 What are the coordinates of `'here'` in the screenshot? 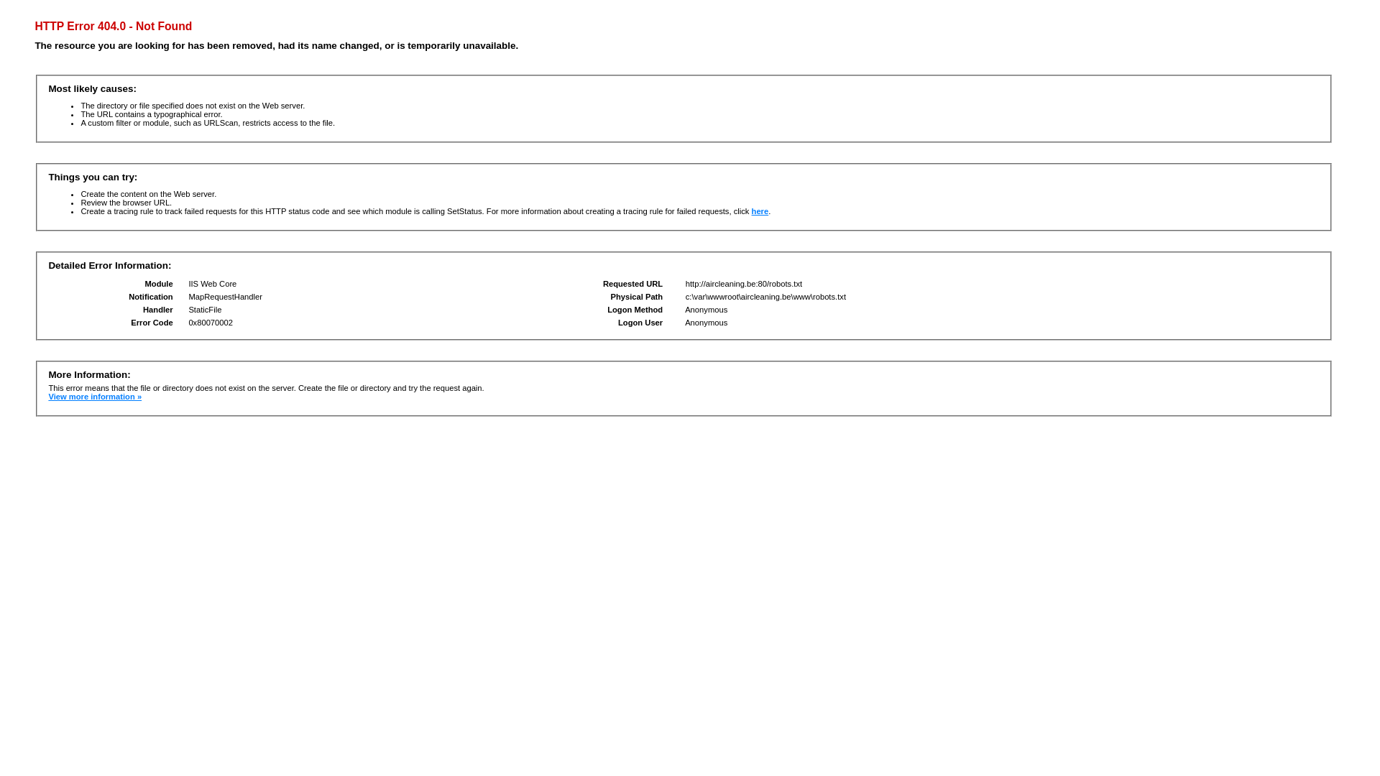 It's located at (751, 211).